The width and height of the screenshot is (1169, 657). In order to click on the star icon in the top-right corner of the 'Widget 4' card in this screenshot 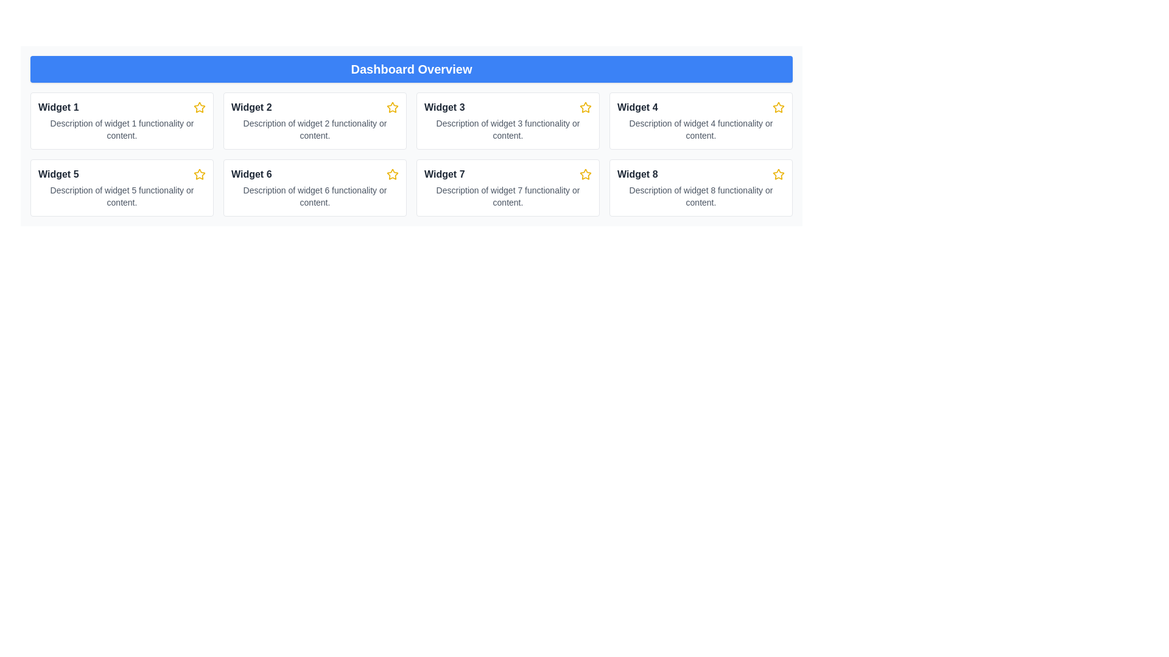, I will do `click(778, 107)`.